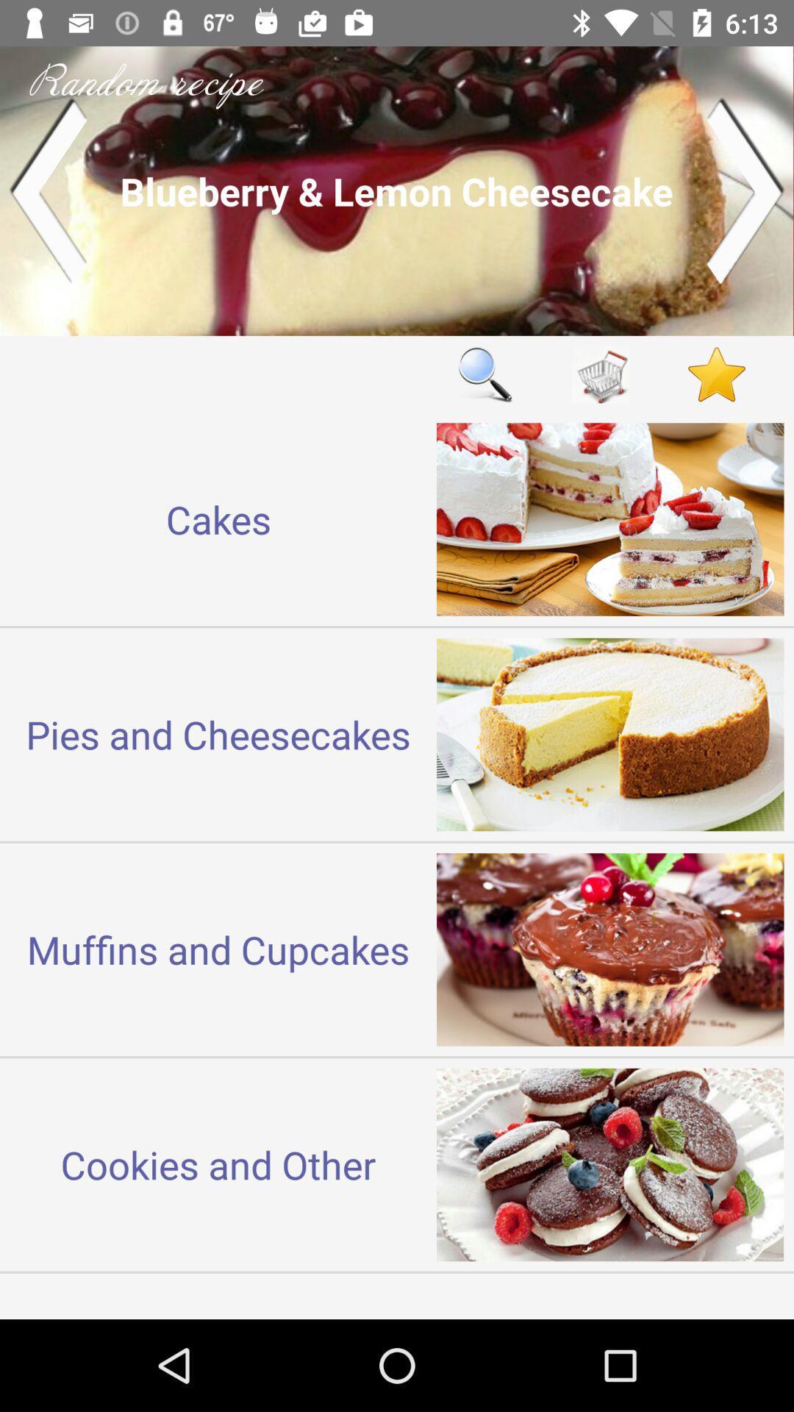  What do you see at coordinates (218, 734) in the screenshot?
I see `the icon above the muffins and cupcakes item` at bounding box center [218, 734].